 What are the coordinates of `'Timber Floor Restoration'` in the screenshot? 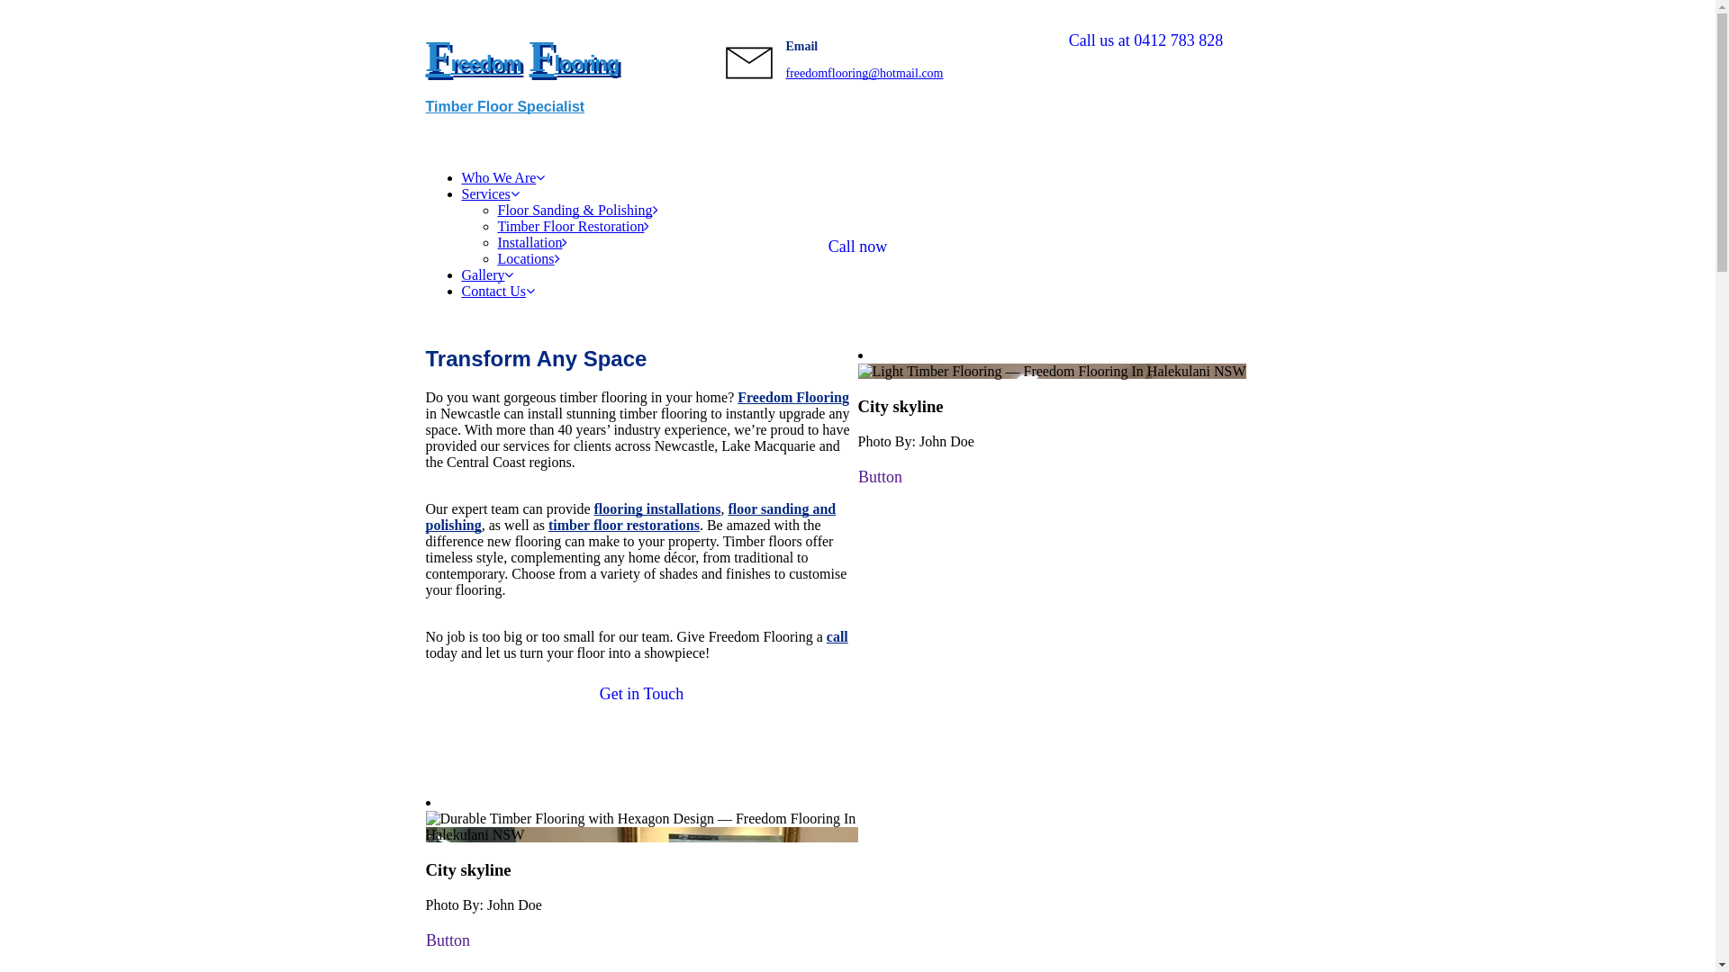 It's located at (572, 225).